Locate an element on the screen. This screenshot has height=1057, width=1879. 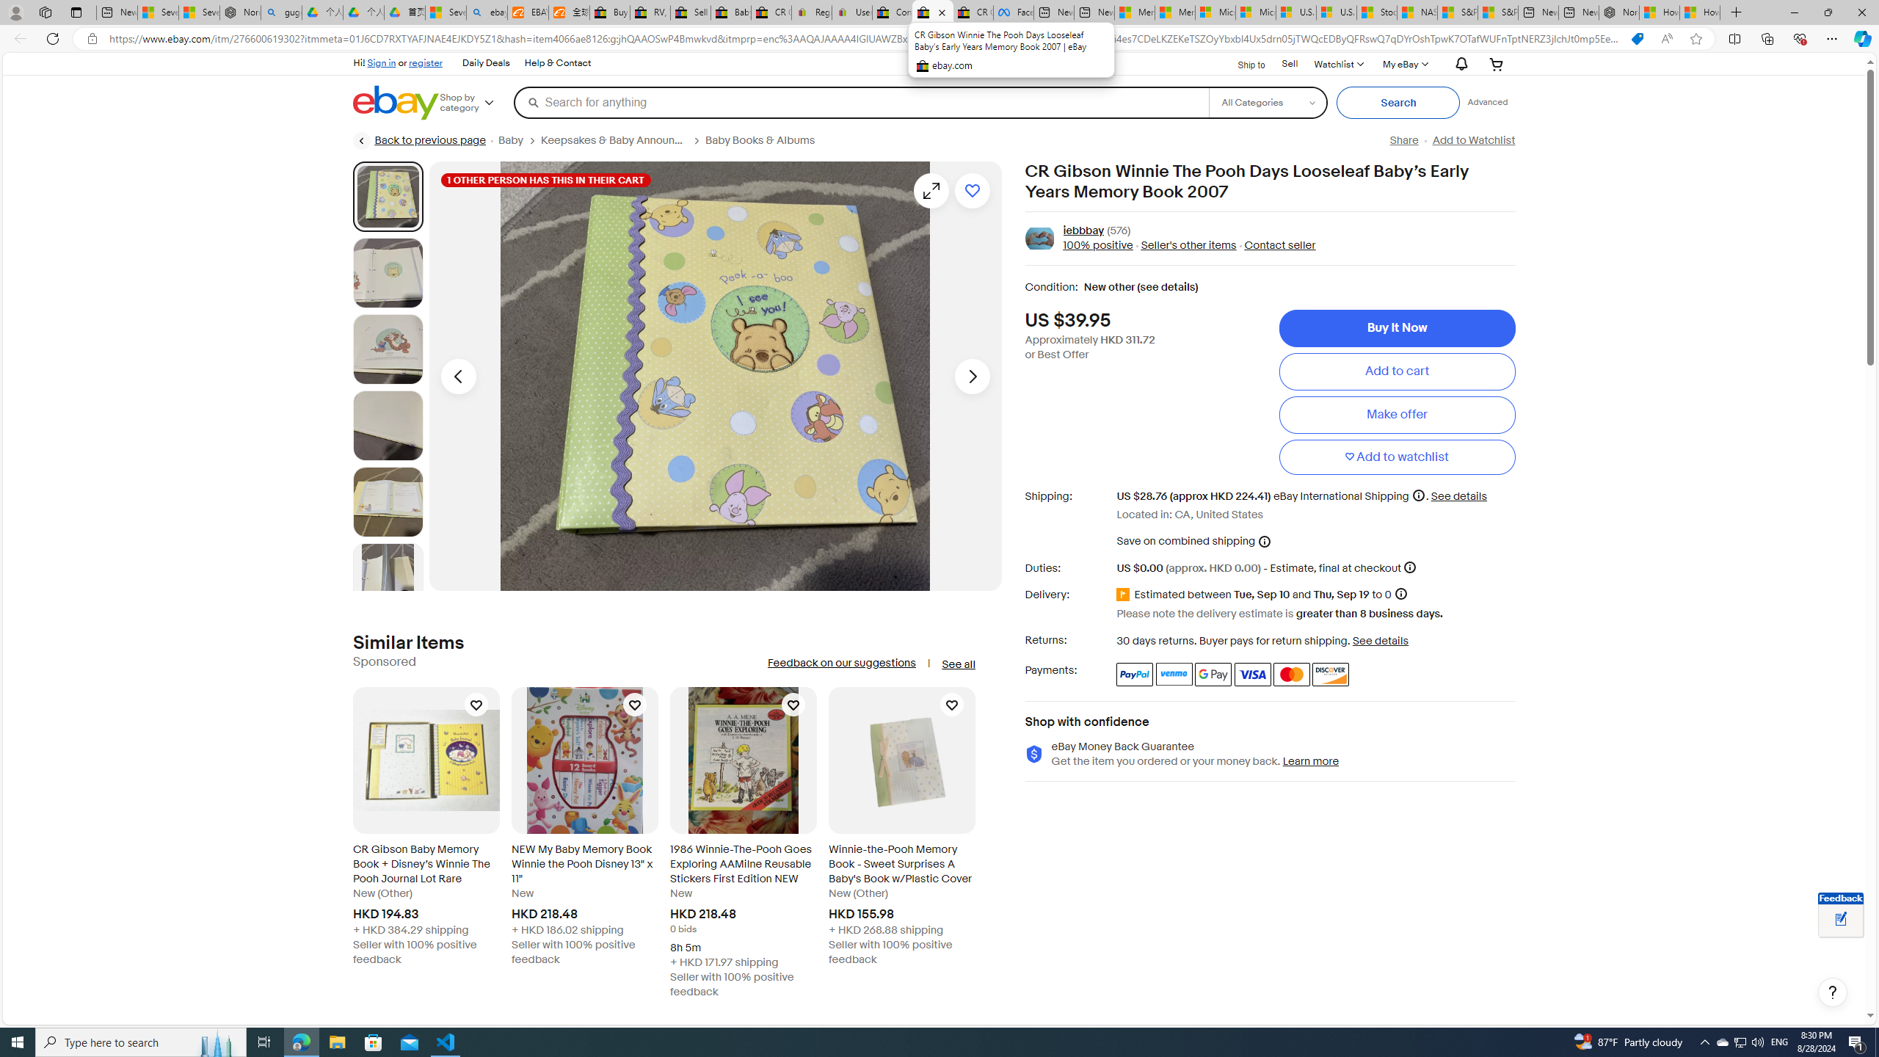
'How to Use a Monitor With Your Closed Laptop' is located at coordinates (1699, 12).